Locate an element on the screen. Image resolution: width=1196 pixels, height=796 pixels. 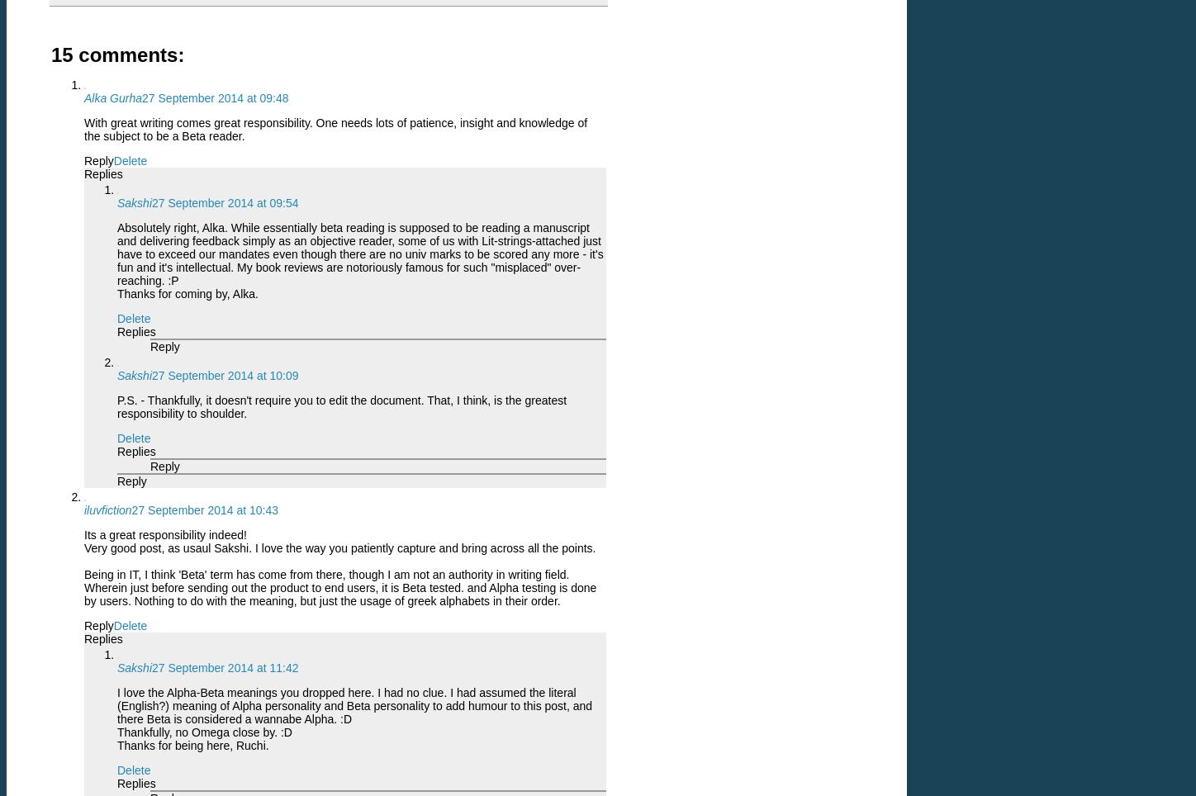
'Thanks for coming by, Alka.' is located at coordinates (187, 293).